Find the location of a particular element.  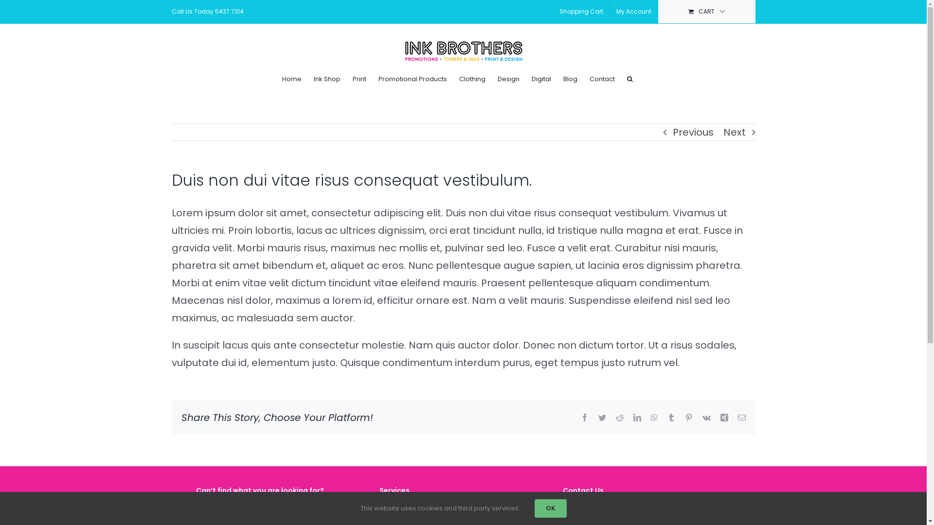

'Log In' is located at coordinates (677, 114).